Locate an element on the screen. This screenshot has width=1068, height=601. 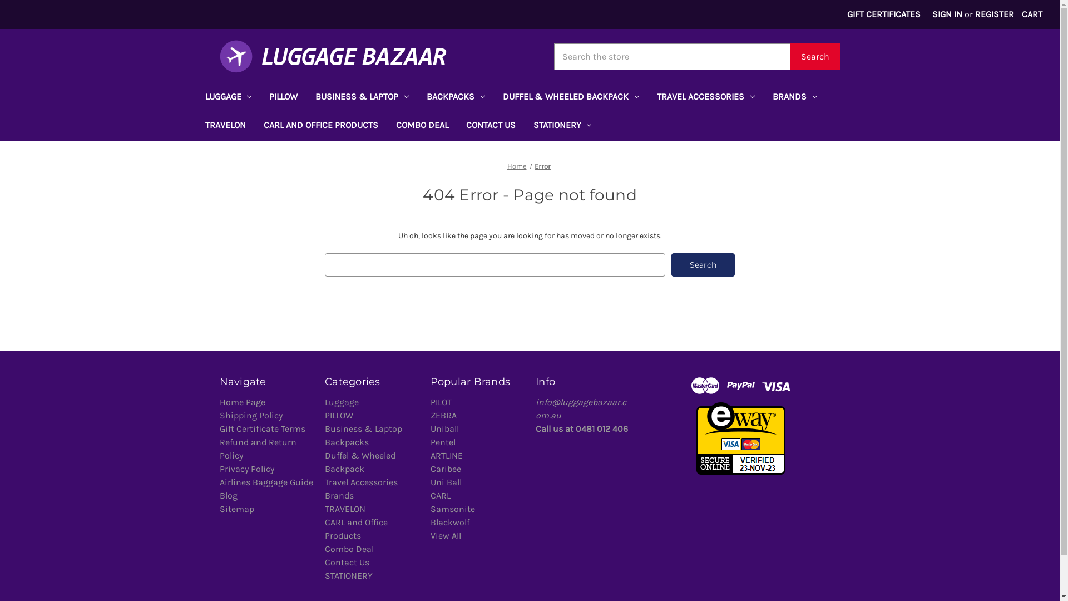
'Blog' is located at coordinates (219, 495).